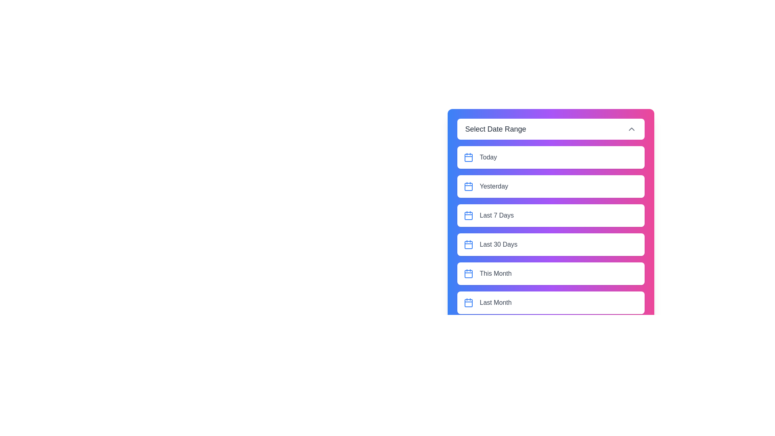  Describe the element at coordinates (550, 215) in the screenshot. I see `the element Last 7 Days option to observe potential hover effects or tooltips` at that location.